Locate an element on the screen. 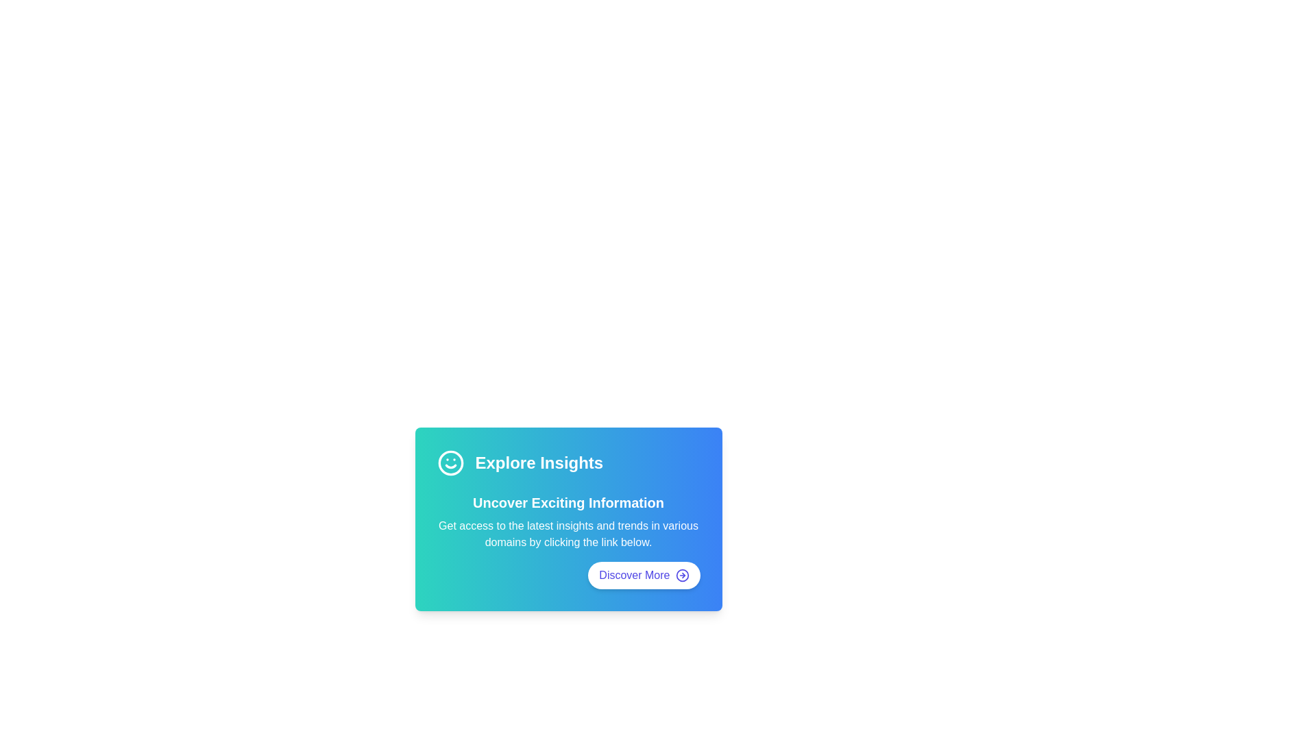 The height and width of the screenshot is (740, 1316). the circular blue icon with a right-pointing arrow, located to the right of the text 'Discover More' inside a button at the bottom right of the card-like panel is located at coordinates (682, 576).